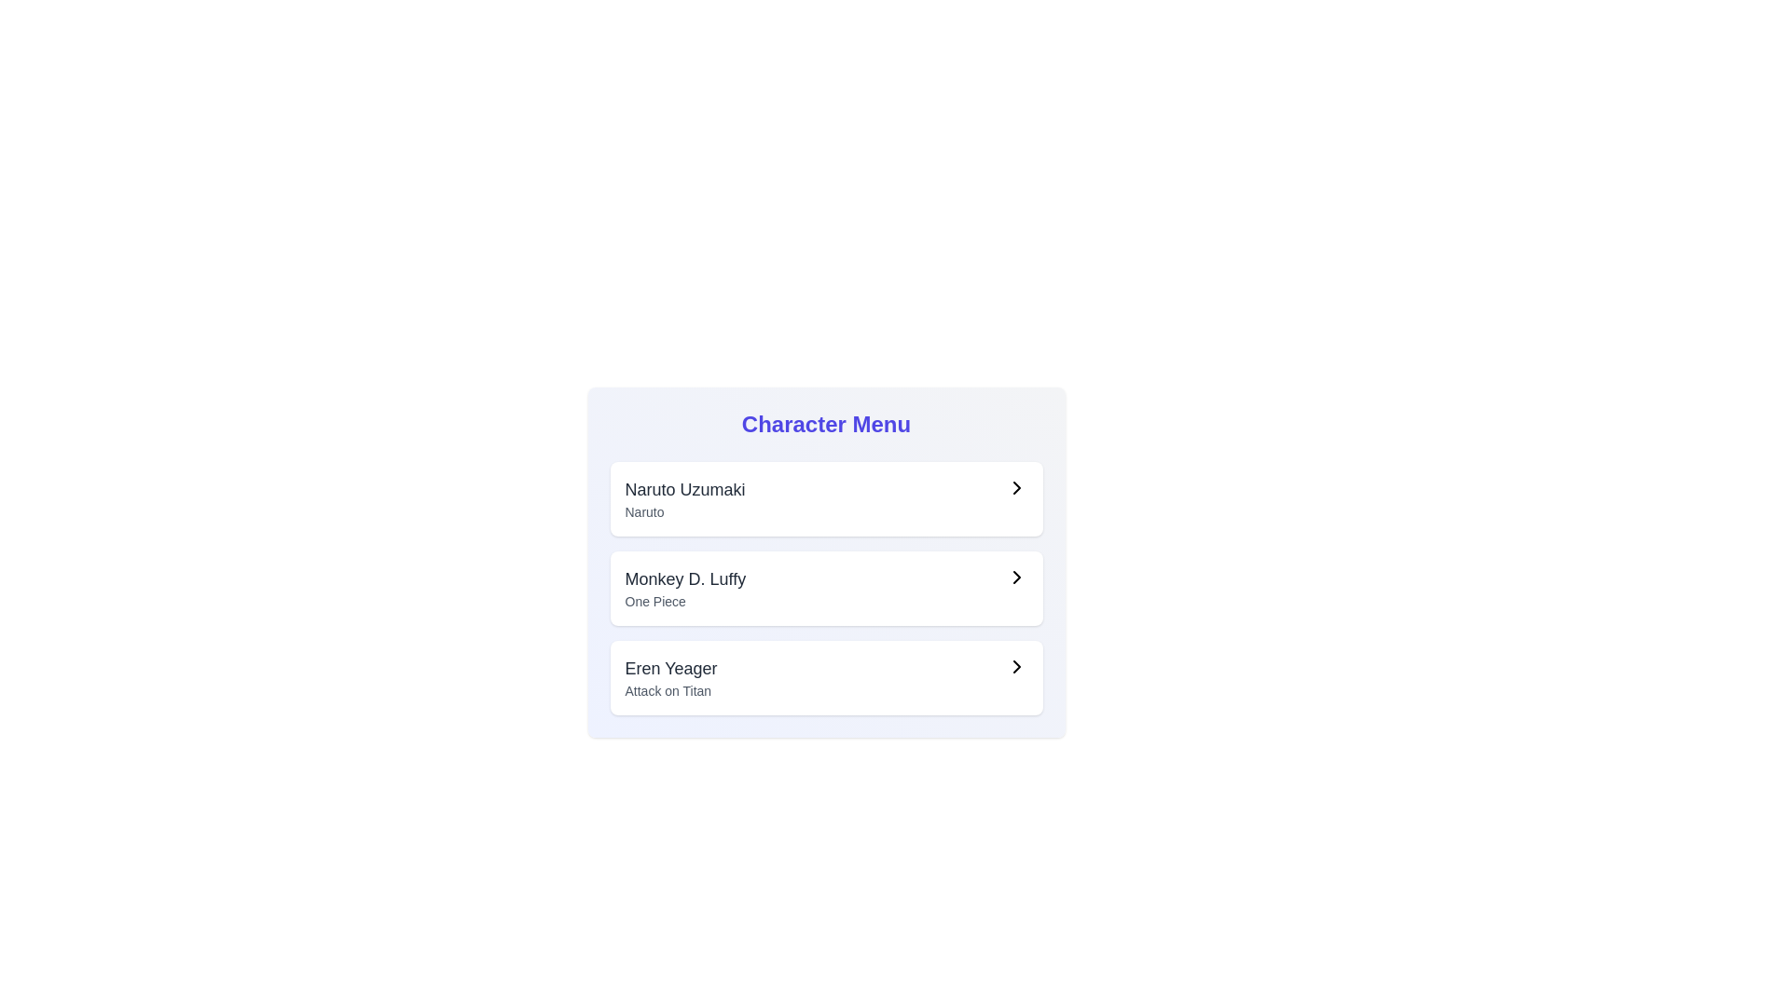  I want to click on the text label displaying 'Monkey D. Luffy' and 'One Piece', which is the second item in a vertically stacked menu, so click(684, 589).